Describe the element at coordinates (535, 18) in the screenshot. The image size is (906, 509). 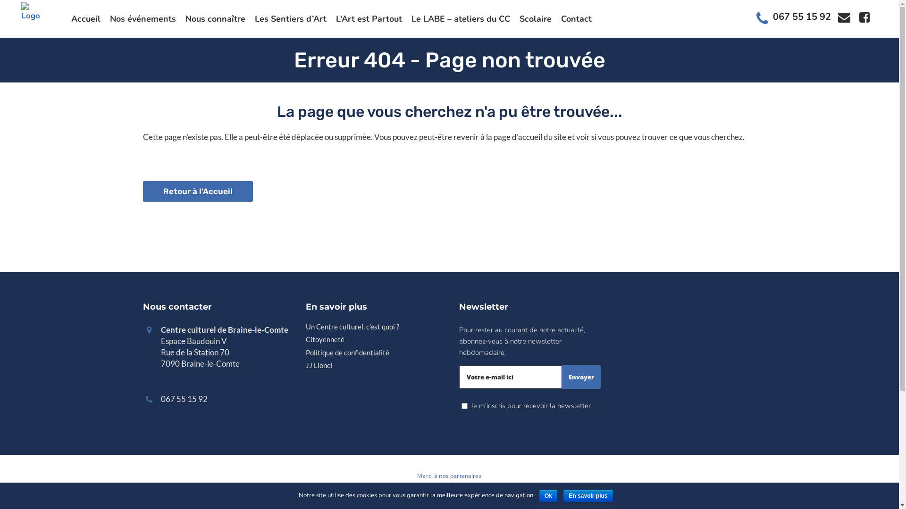
I see `'Scolaire'` at that location.